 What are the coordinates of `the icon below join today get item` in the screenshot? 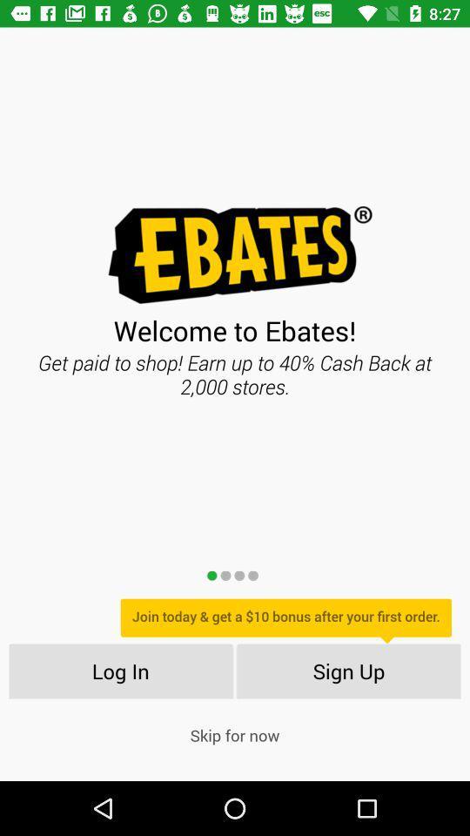 It's located at (119, 670).